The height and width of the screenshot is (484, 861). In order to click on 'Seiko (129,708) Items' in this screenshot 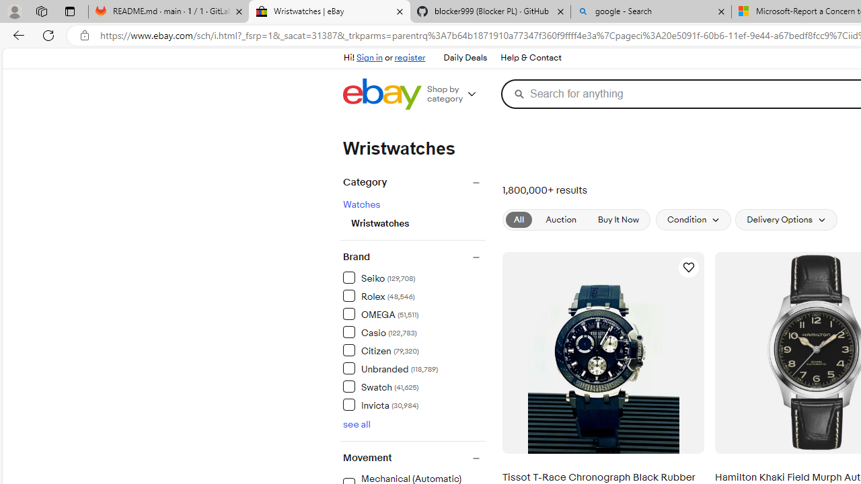, I will do `click(378, 276)`.